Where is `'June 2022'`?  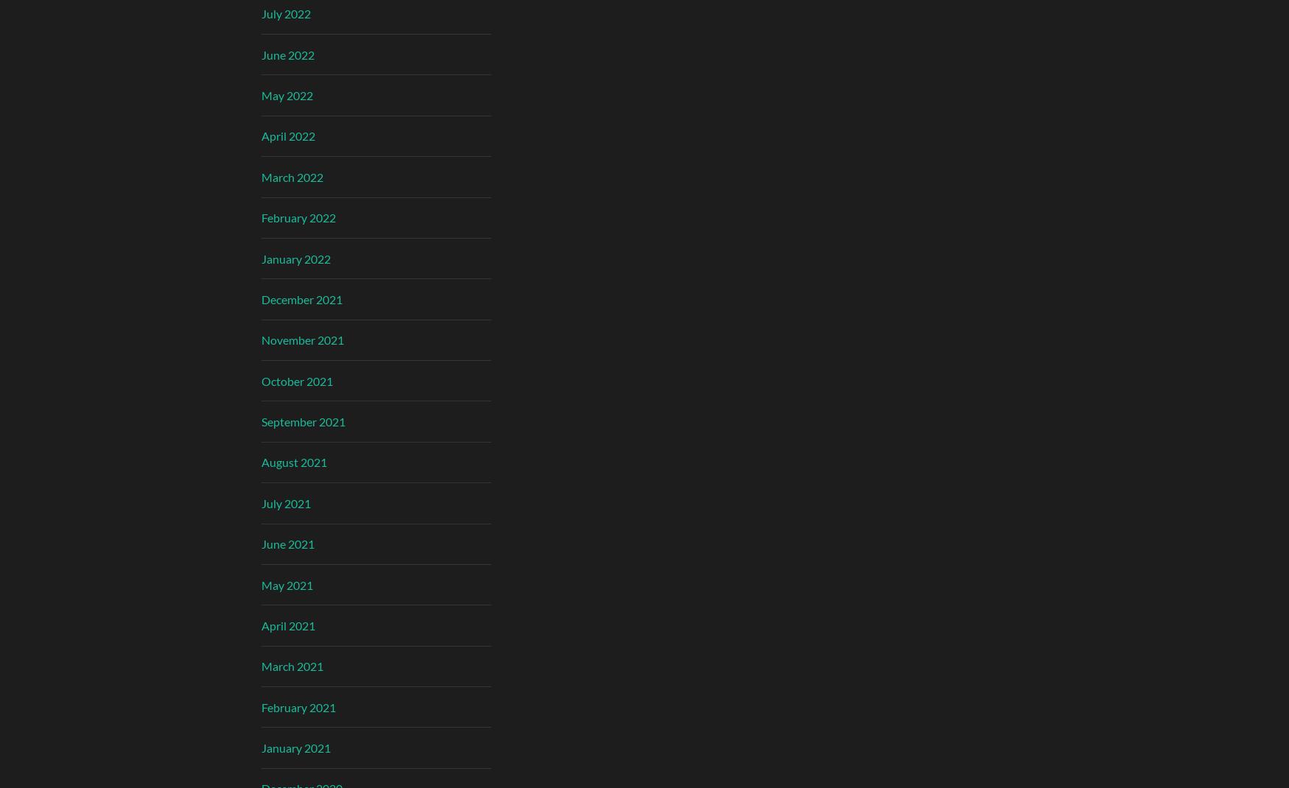 'June 2022' is located at coordinates (287, 53).